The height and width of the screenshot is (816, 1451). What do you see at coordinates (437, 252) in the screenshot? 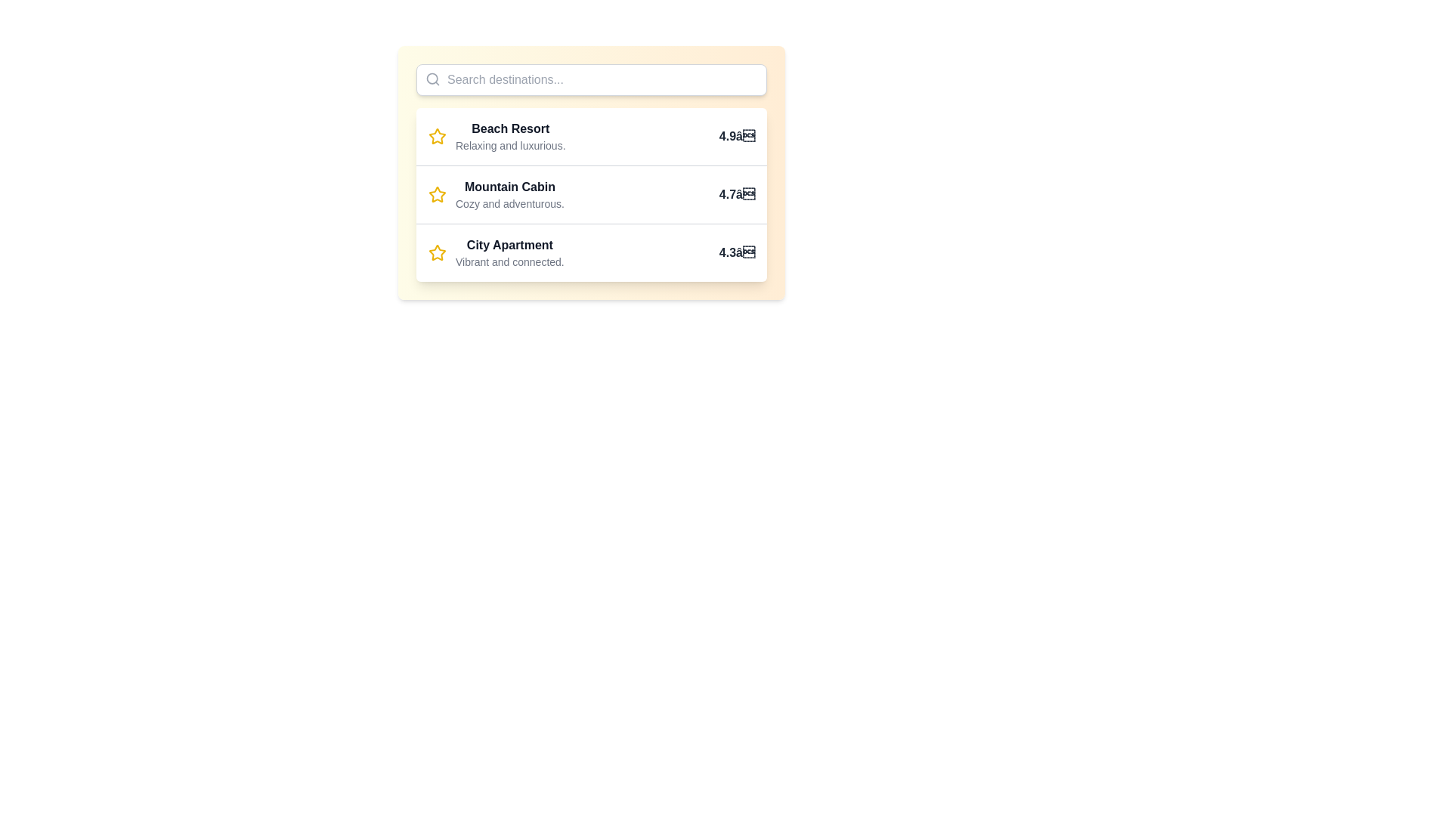
I see `the icon representing the rating feature located in the third entry, aligned to the left of the text 'City Apartment'` at bounding box center [437, 252].